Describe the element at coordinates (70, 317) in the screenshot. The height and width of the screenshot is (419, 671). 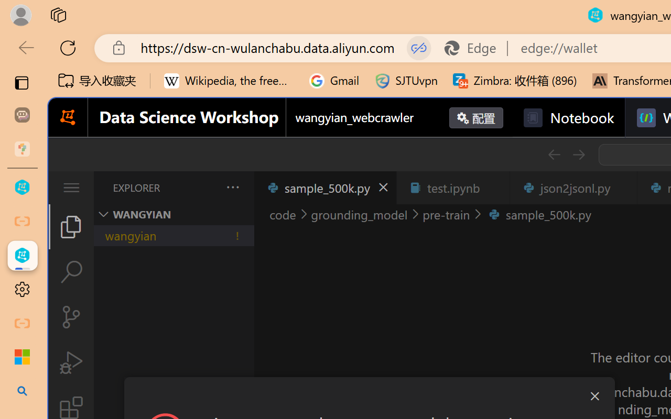
I see `'Source Control (Ctrl+Shift+G)'` at that location.